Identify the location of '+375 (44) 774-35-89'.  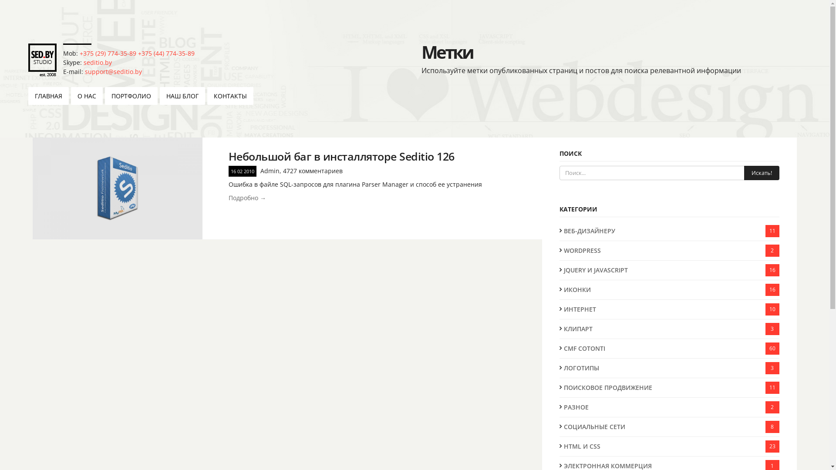
(166, 53).